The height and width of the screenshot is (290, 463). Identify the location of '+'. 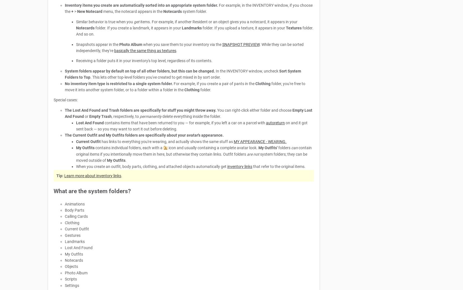
(72, 11).